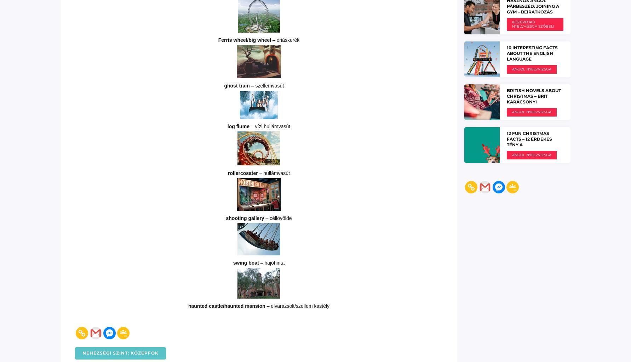  What do you see at coordinates (246, 262) in the screenshot?
I see `'swing boat'` at bounding box center [246, 262].